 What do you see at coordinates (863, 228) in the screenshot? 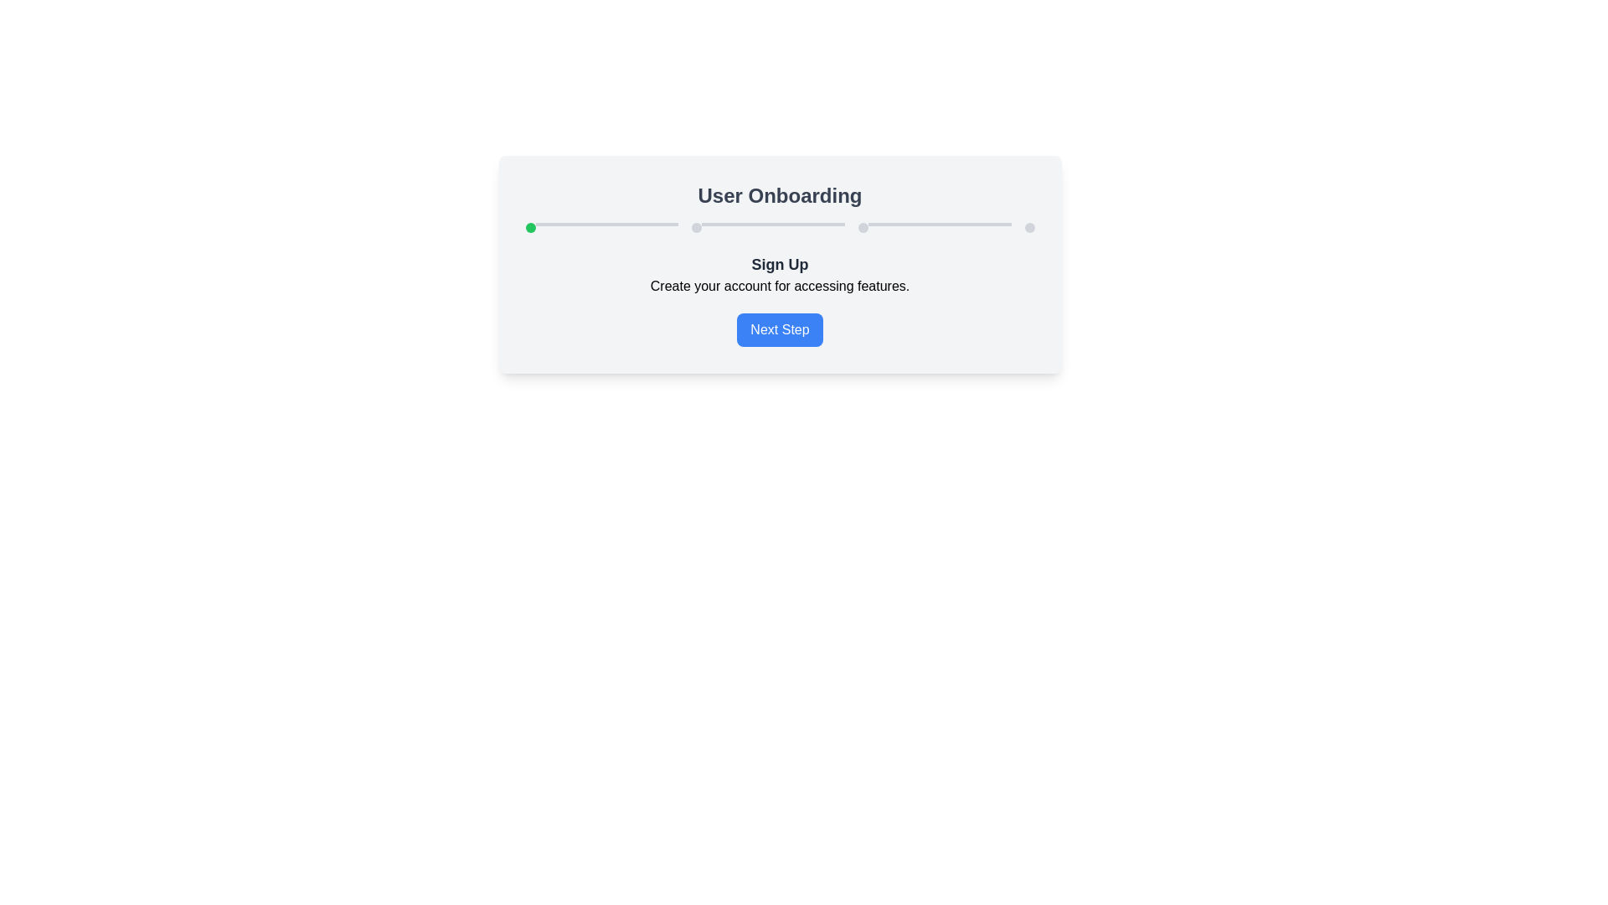
I see `the fifth circle in the progress bar, which indicates an inactive step in a multi-step process` at bounding box center [863, 228].